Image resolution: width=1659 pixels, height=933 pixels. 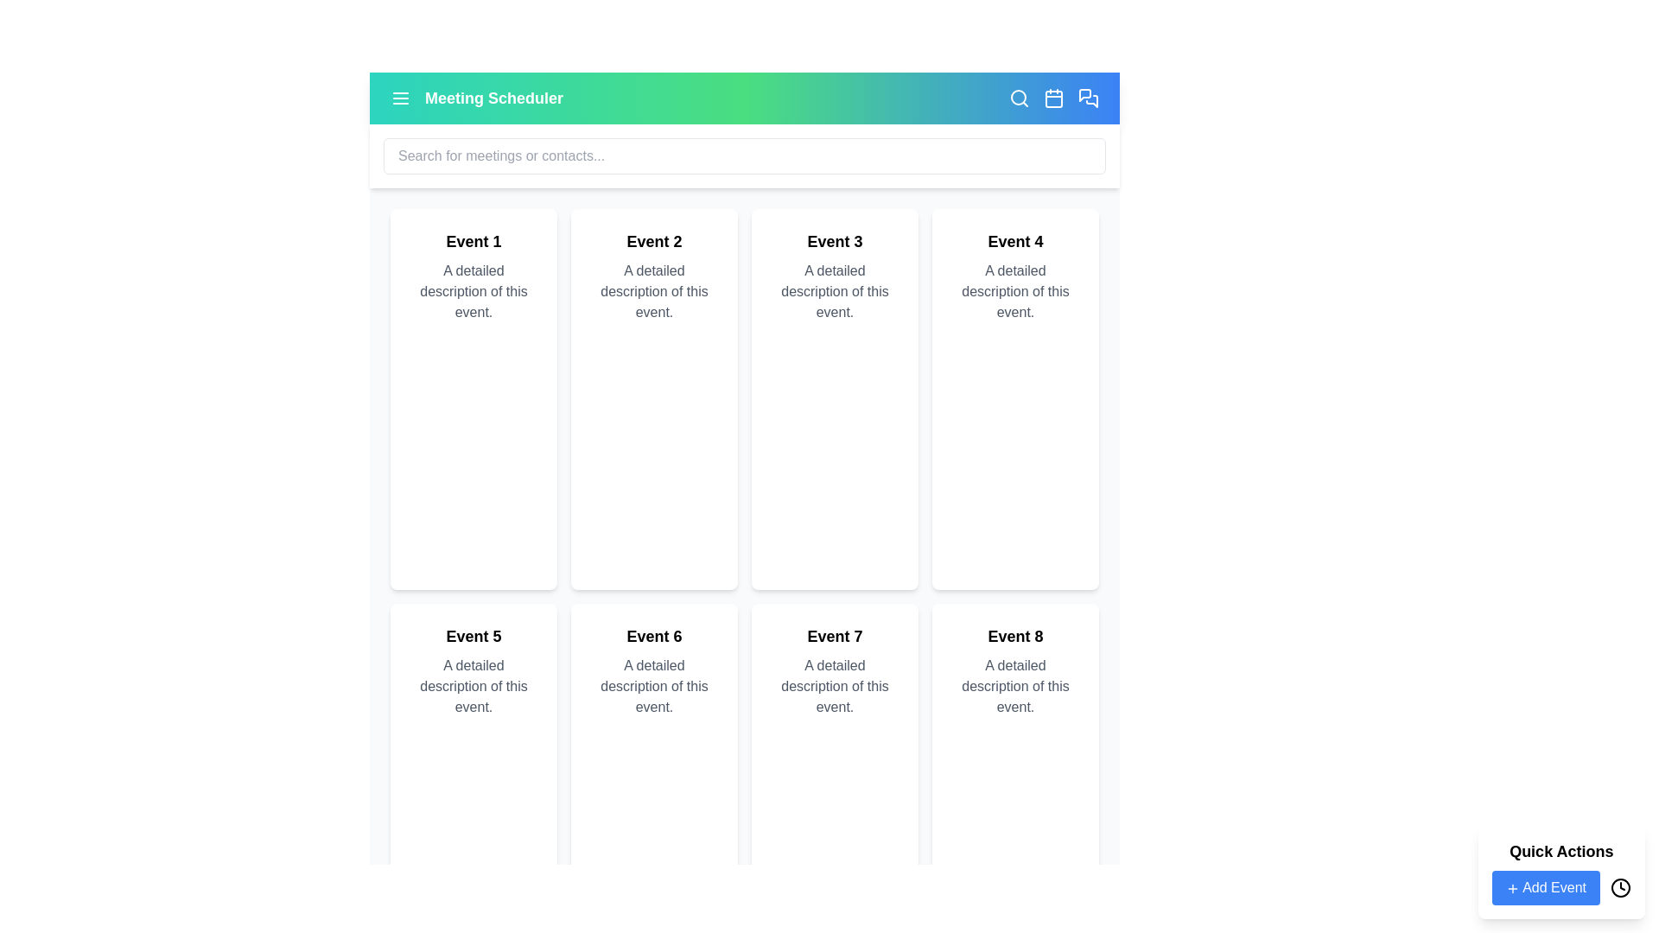 I want to click on informational text located beneath the title of the 'Event 4' card, which is the fourth card in the row of event cards, so click(x=1015, y=291).